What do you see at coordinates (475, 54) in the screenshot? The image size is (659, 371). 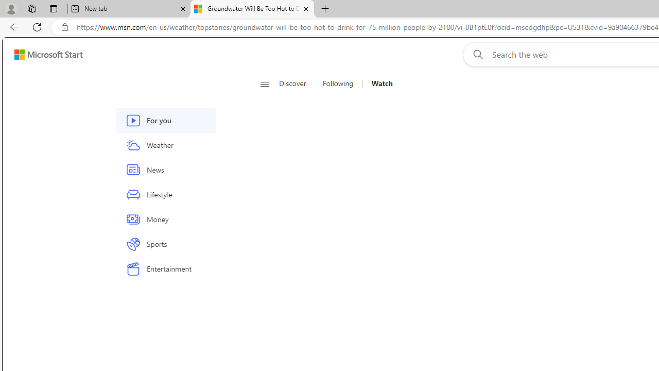 I see `'Web search'` at bounding box center [475, 54].